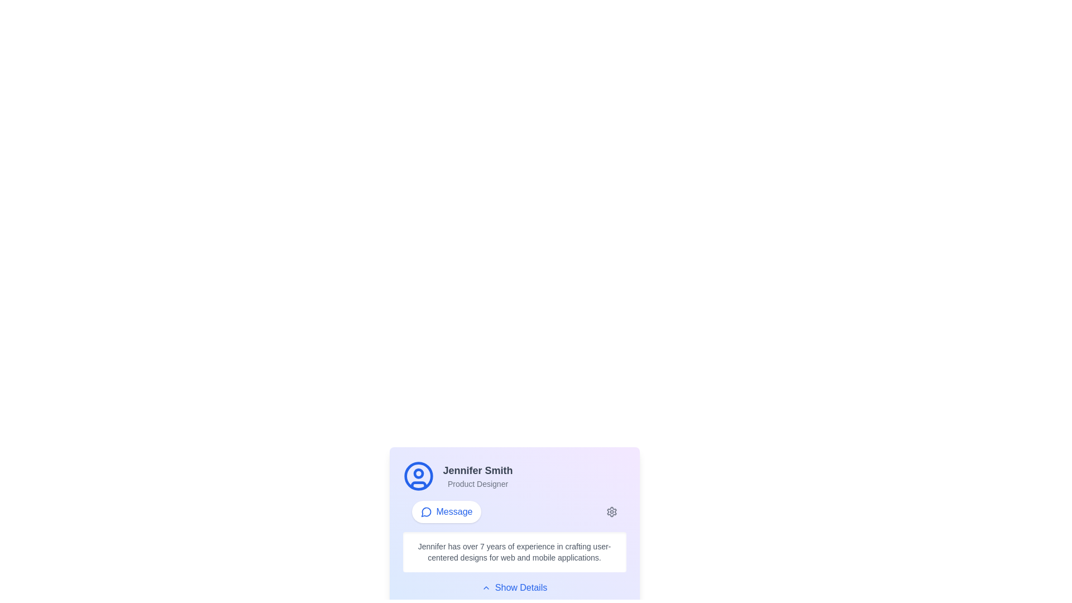 This screenshot has height=603, width=1072. What do you see at coordinates (477, 476) in the screenshot?
I see `the Text Display that shows the name and designation of a person, located in the top-right quadrant of a card-like component, next to a circular blue user icon, and above a button labeled 'Message'` at bounding box center [477, 476].